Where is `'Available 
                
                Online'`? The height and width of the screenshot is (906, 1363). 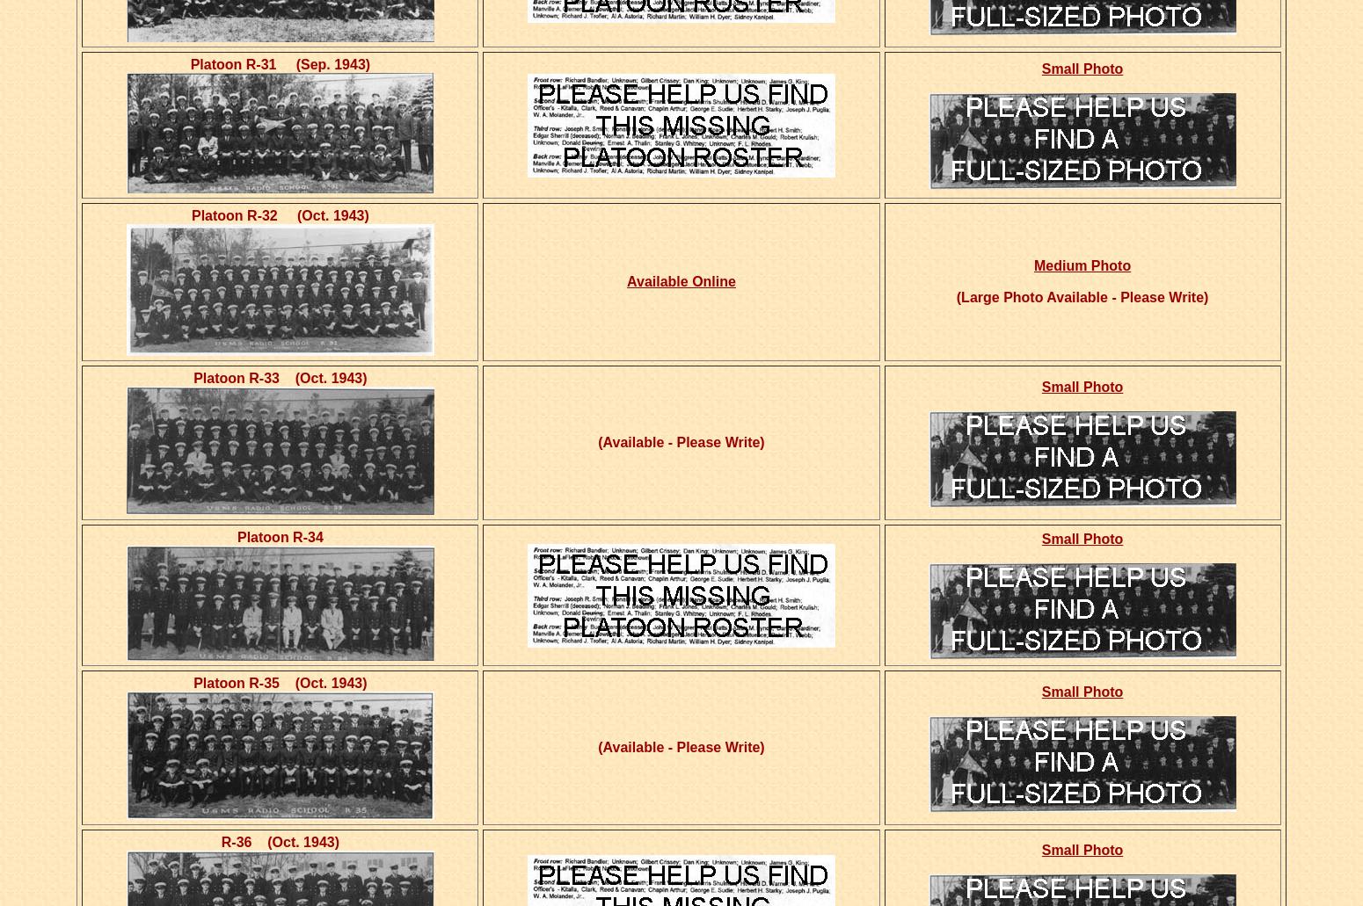
'Available 
                
                Online' is located at coordinates (627, 280).